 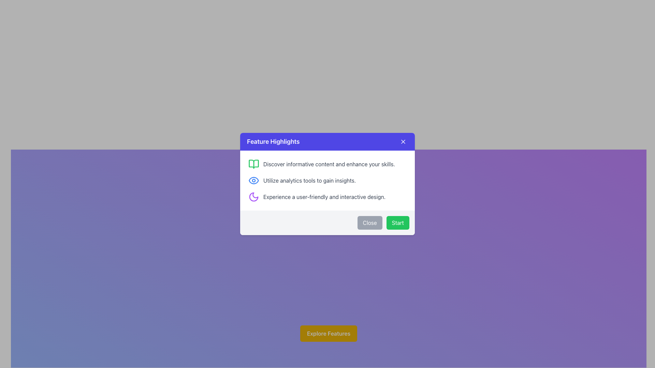 What do you see at coordinates (398, 223) in the screenshot?
I see `the green 'Start' button with white text` at bounding box center [398, 223].